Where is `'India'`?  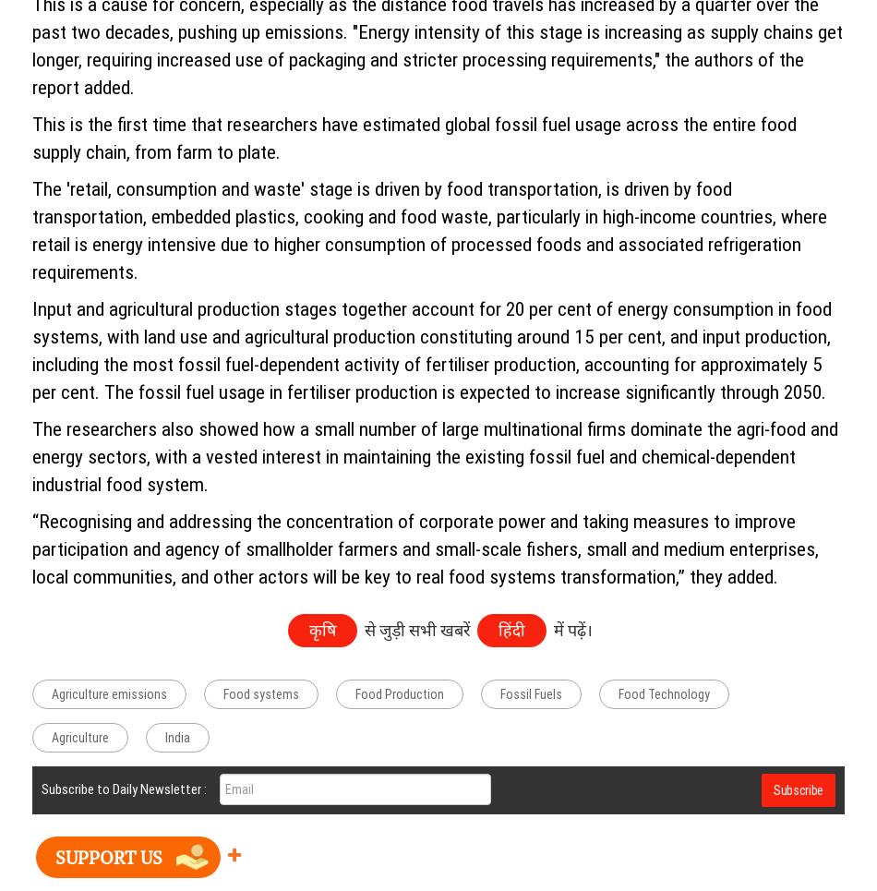 'India' is located at coordinates (177, 738).